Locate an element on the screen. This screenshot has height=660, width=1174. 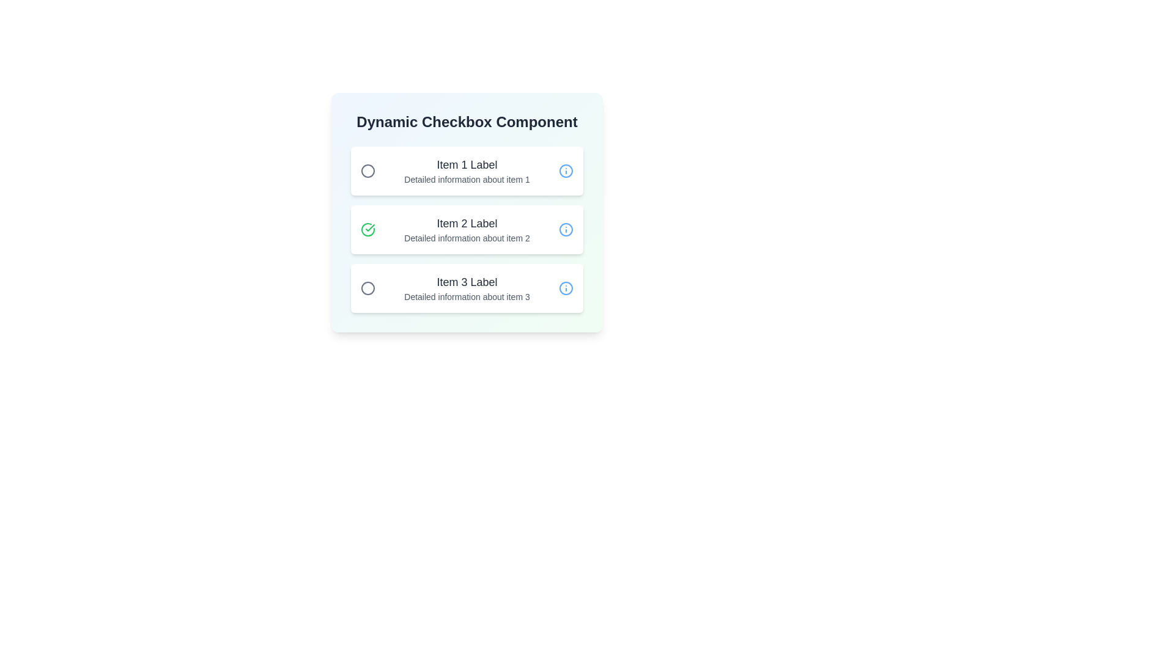
the 'info' icon for Item 3 to view additional information is located at coordinates (566, 288).